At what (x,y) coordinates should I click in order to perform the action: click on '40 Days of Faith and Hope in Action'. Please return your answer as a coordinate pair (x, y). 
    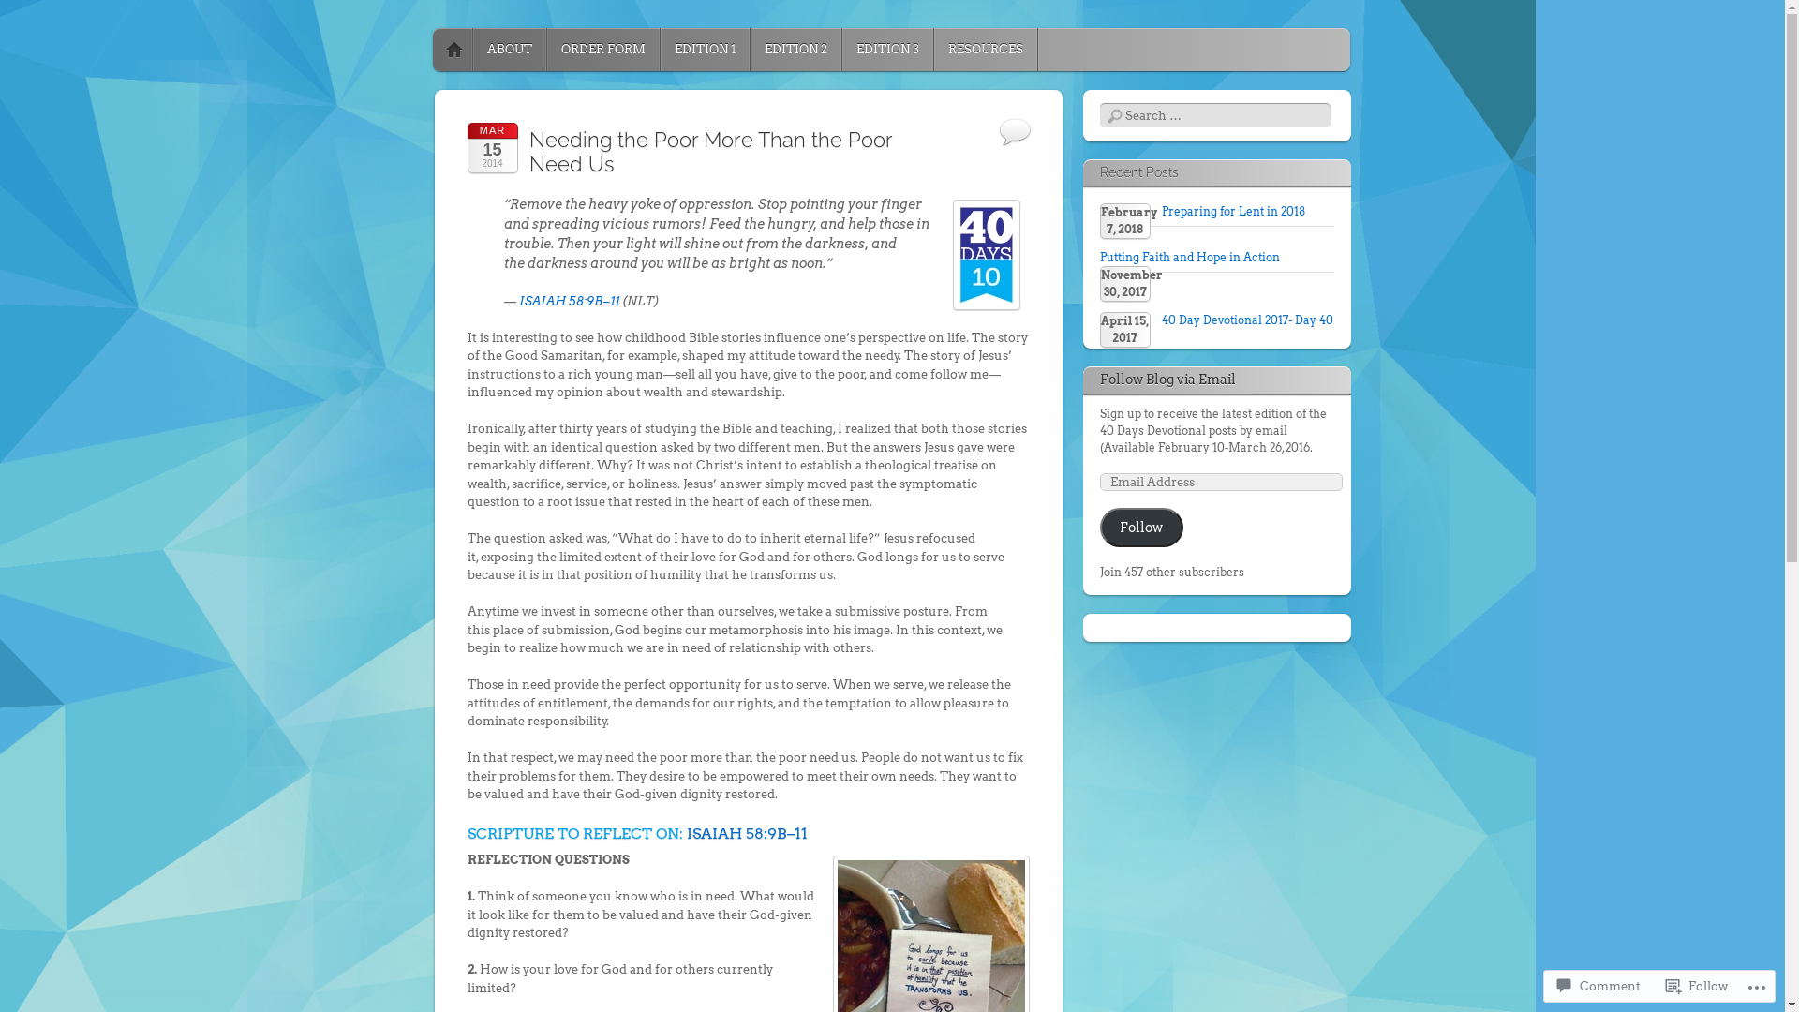
    Looking at the image, I should click on (620, 42).